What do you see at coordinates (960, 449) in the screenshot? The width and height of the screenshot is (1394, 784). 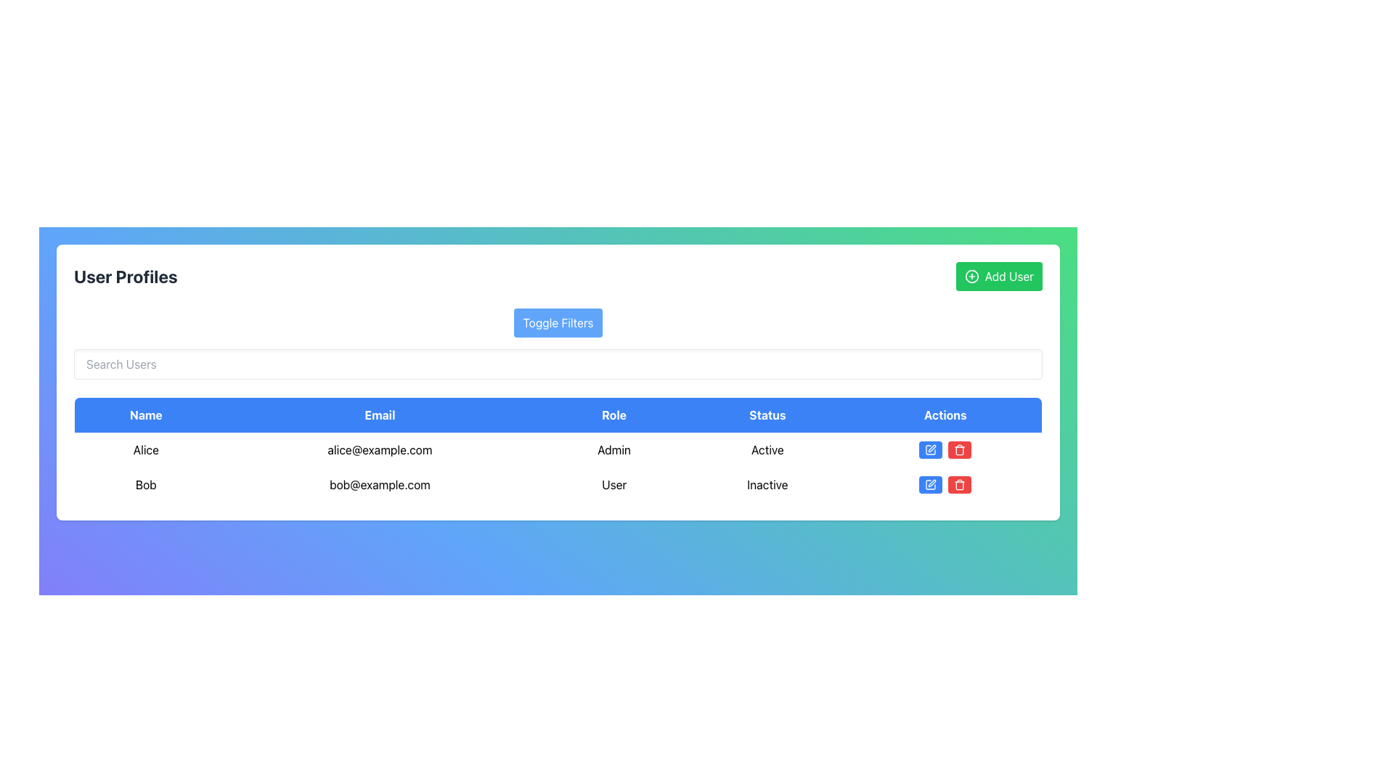 I see `the delete button in the 'Actions' section of the table, positioned to the right of the 'Edit' button` at bounding box center [960, 449].